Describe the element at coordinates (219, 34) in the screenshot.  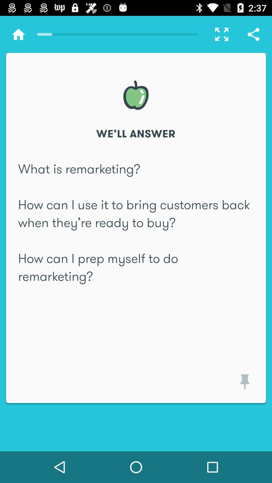
I see `the fullscreen icon` at that location.